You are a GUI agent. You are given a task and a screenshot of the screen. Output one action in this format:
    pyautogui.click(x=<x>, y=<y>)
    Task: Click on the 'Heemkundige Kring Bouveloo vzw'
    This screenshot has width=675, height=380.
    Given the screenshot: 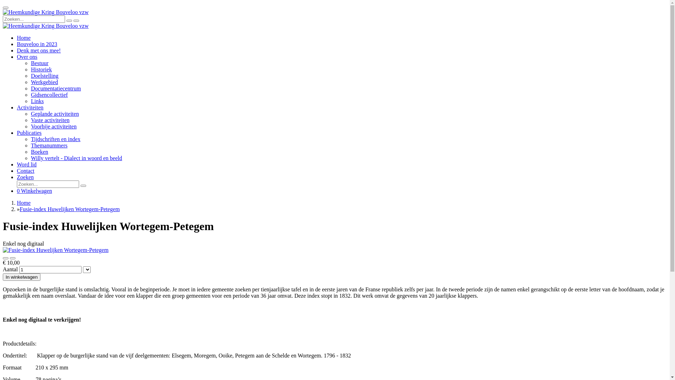 What is the action you would take?
    pyautogui.click(x=45, y=12)
    